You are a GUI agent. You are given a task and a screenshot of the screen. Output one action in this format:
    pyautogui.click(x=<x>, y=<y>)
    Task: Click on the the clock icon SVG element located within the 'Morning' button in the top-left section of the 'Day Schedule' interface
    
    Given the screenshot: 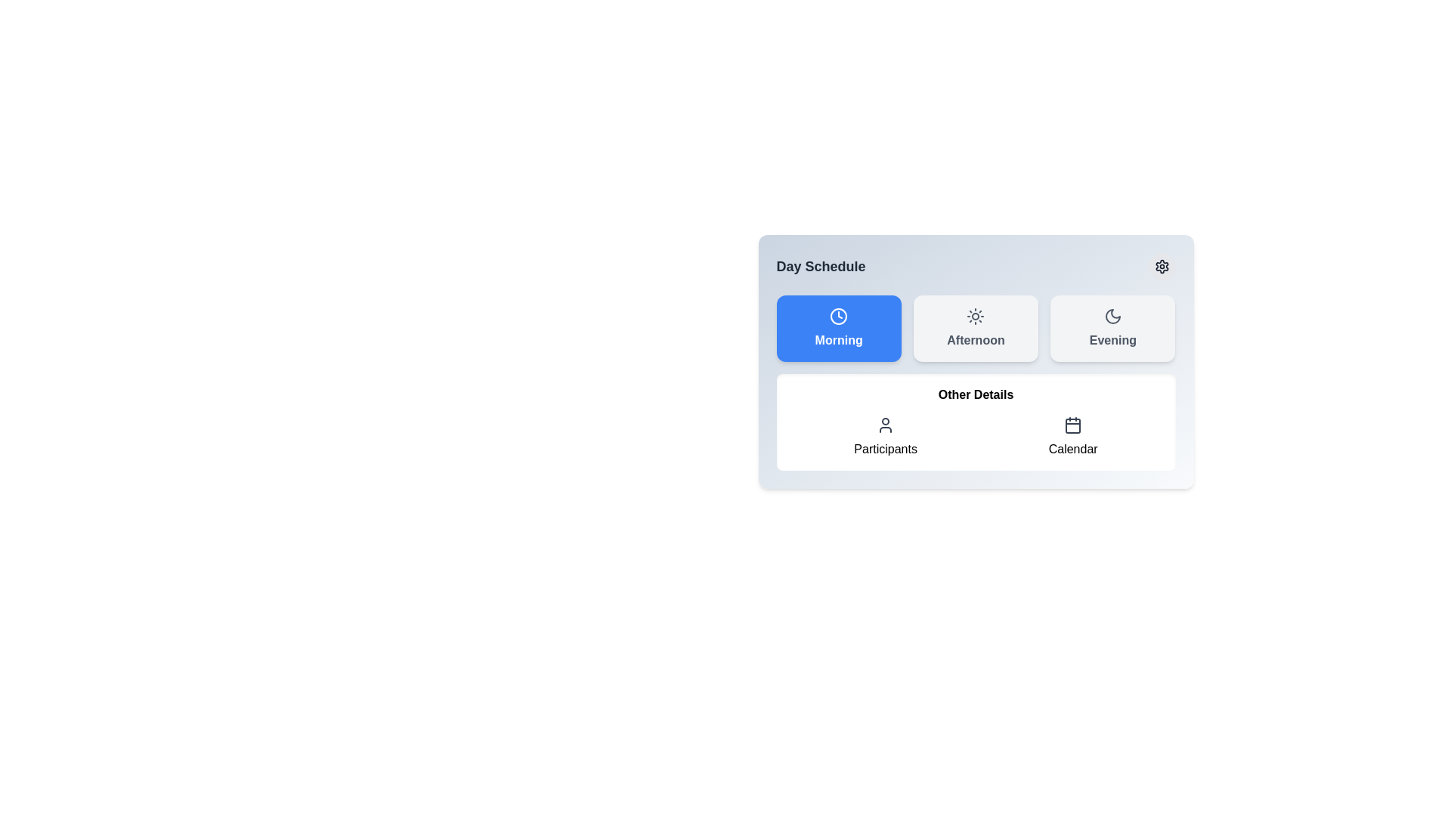 What is the action you would take?
    pyautogui.click(x=838, y=316)
    